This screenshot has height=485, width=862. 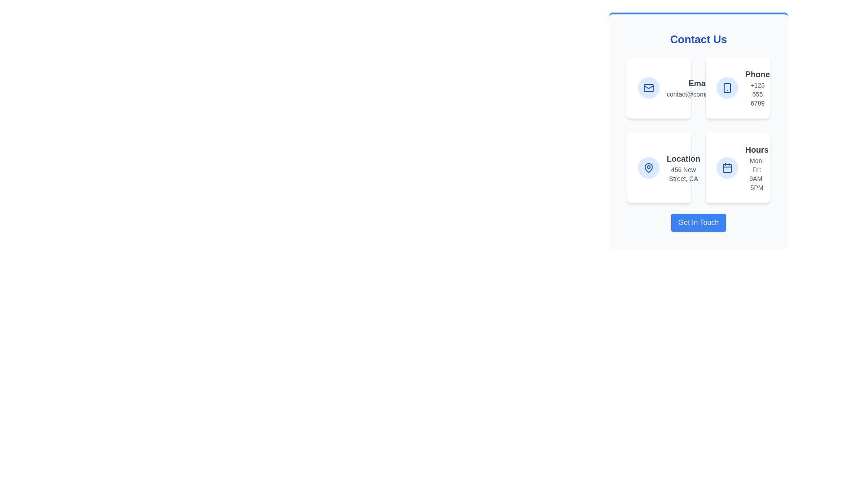 I want to click on the phone number text label in the second card of the 'Contact Us' section to initiate a call, so click(x=757, y=88).